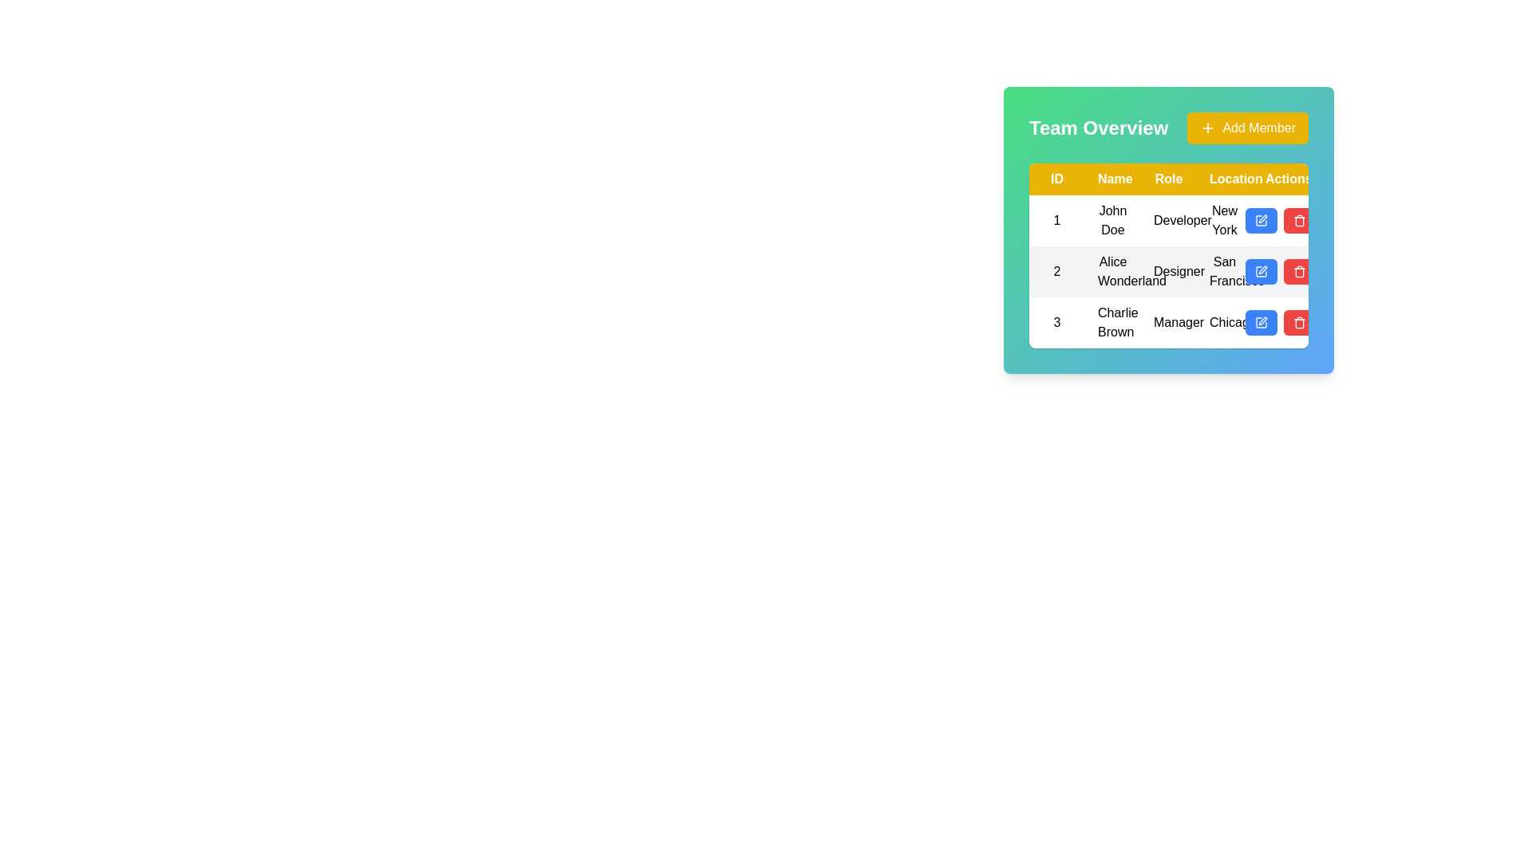 The image size is (1532, 861). Describe the element at coordinates (1280, 323) in the screenshot. I see `the blue button with a white pen icon located in the action column of the third row of the table` at that location.